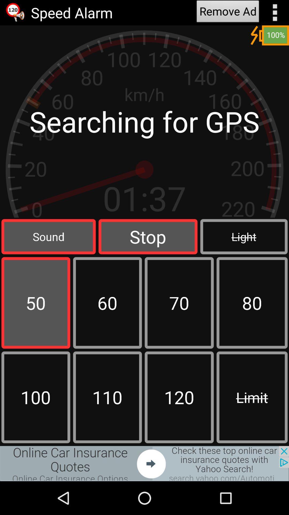 The height and width of the screenshot is (515, 289). What do you see at coordinates (15, 13) in the screenshot?
I see `the icon which is left side of the speed alarm` at bounding box center [15, 13].